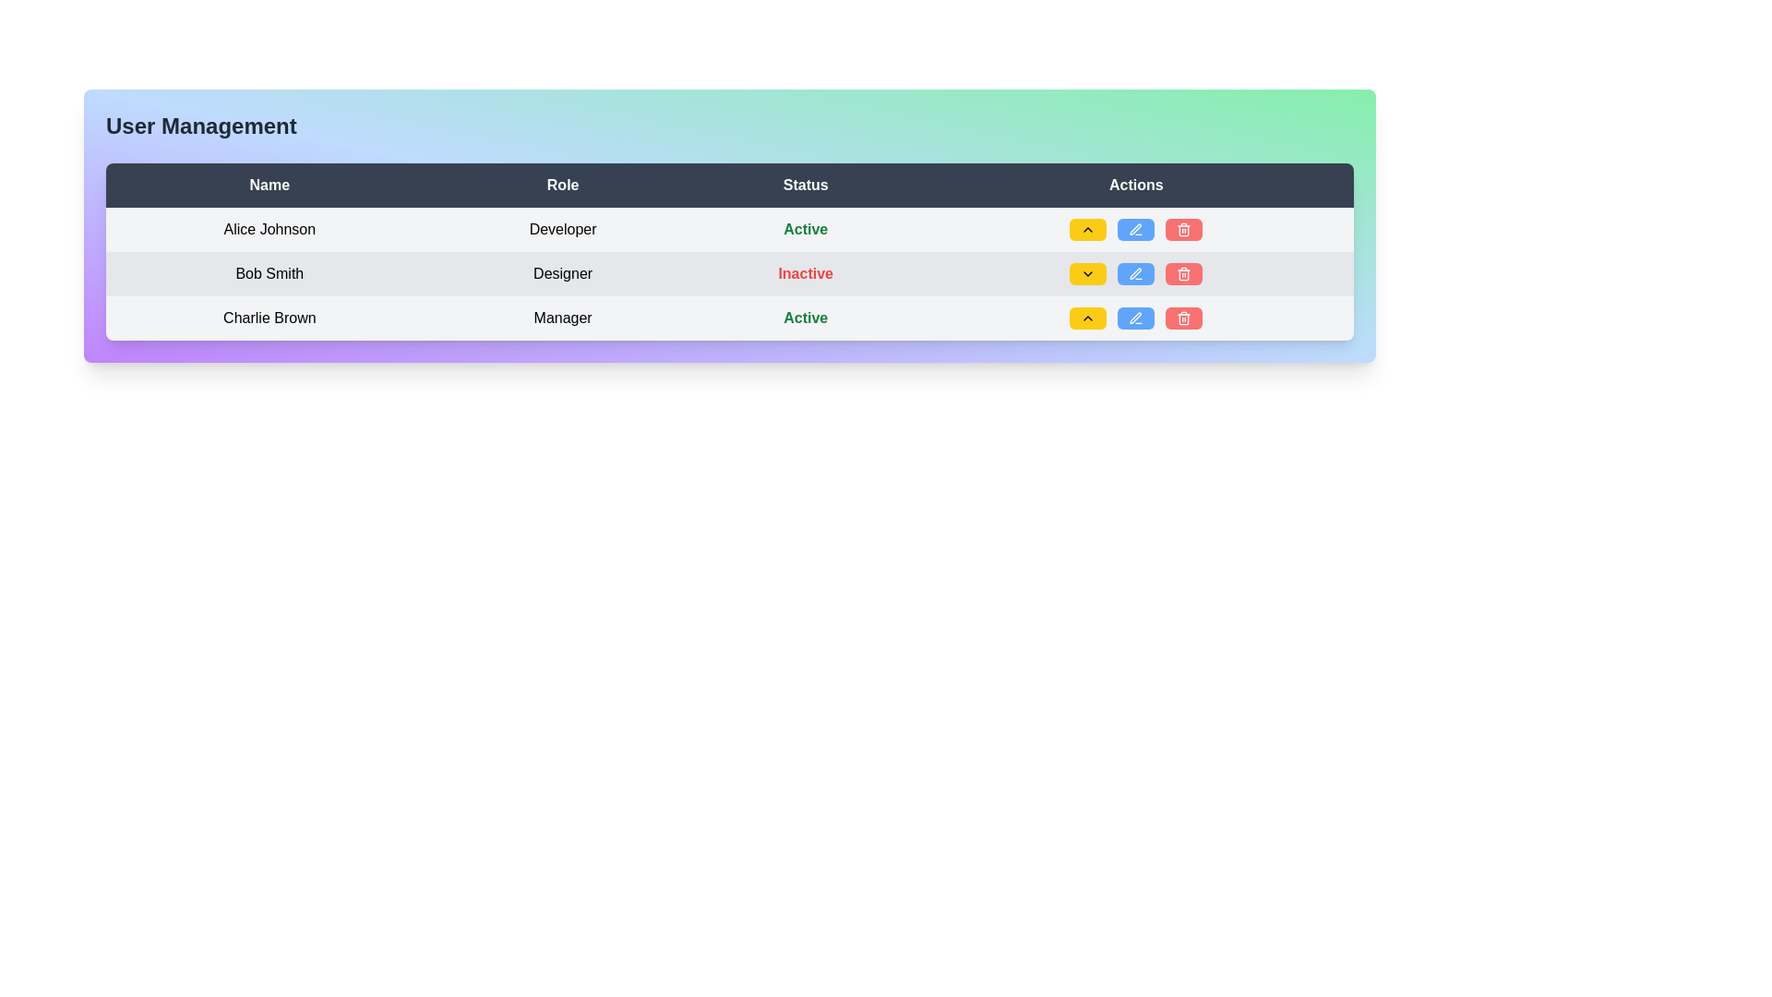 This screenshot has height=997, width=1772. What do you see at coordinates (1088, 229) in the screenshot?
I see `the upward-pointing chevron-shaped icon embedded in the yellow rectangular button located in the 'Actions' column of the third row of the table to trigger potential hover effects` at bounding box center [1088, 229].